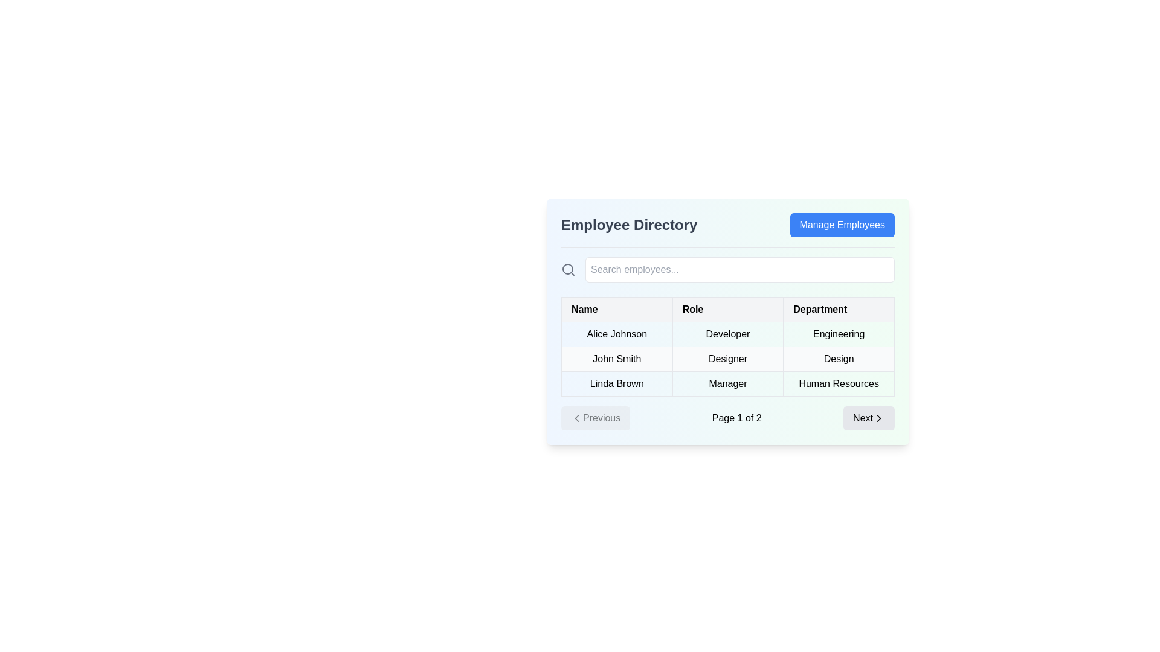 Image resolution: width=1160 pixels, height=652 pixels. I want to click on the text label indicating the purpose of the employee directory, positioned to the left of the 'Manage Employees' button, so click(628, 225).